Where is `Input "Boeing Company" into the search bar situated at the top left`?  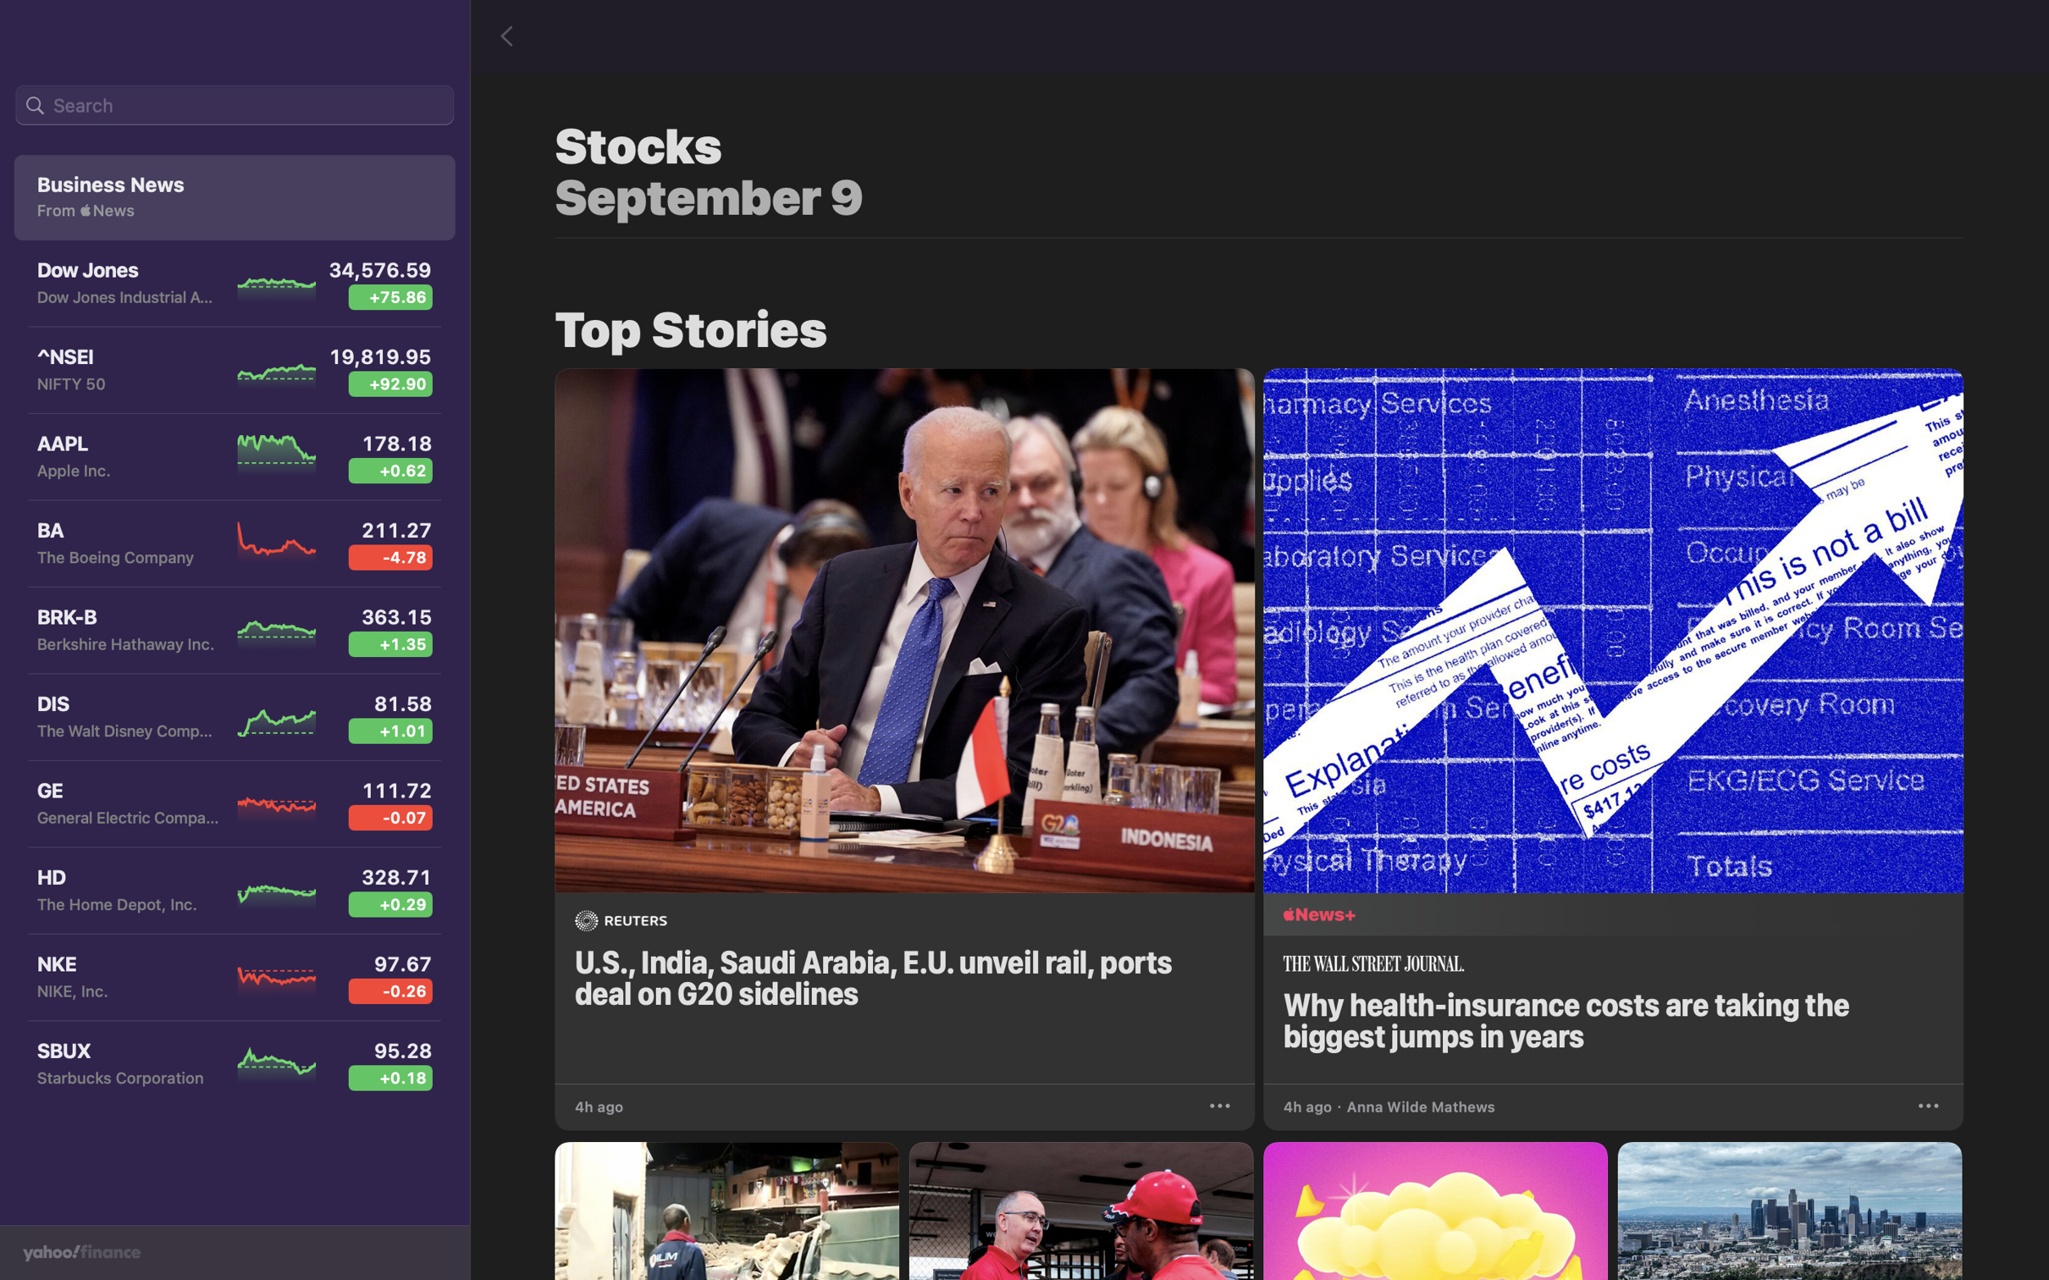 Input "Boeing Company" into the search bar situated at the top left is located at coordinates (234, 106).